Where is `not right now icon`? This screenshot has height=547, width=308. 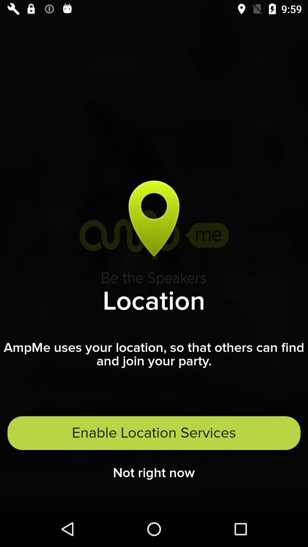
not right now icon is located at coordinates (153, 475).